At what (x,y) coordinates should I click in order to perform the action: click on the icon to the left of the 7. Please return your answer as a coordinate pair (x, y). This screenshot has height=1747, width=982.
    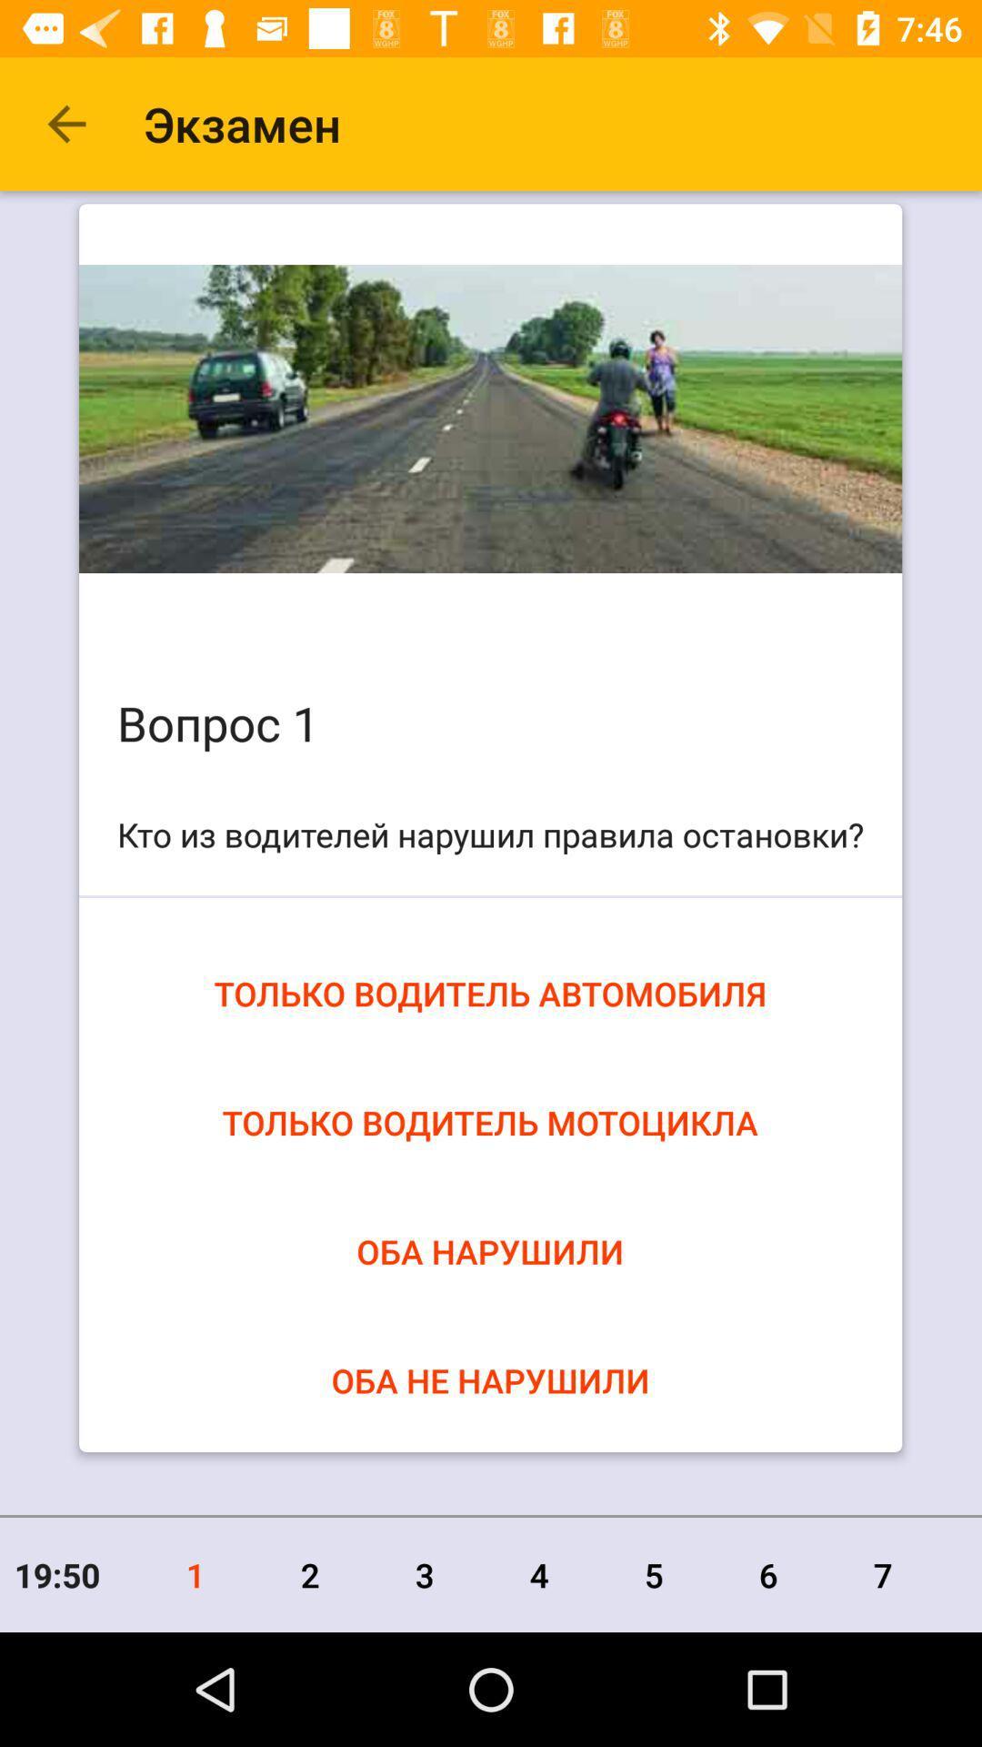
    Looking at the image, I should click on (768, 1574).